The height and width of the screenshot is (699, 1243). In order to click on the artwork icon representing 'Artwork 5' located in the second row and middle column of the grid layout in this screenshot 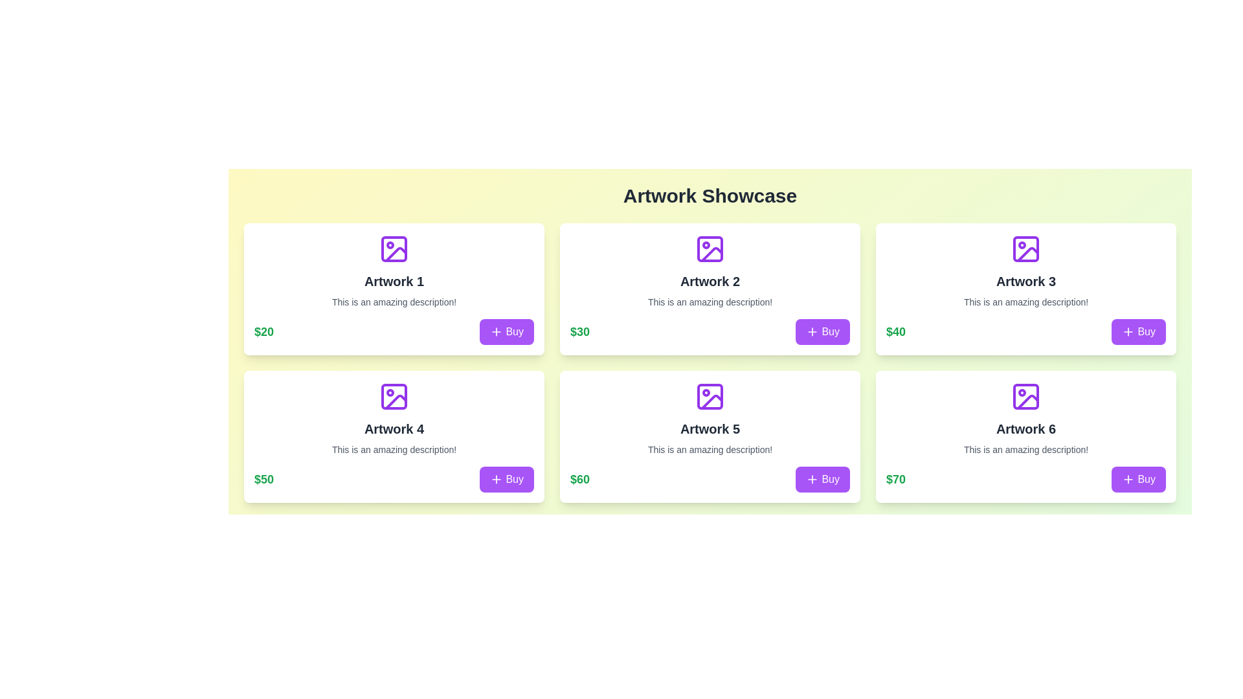, I will do `click(710, 396)`.